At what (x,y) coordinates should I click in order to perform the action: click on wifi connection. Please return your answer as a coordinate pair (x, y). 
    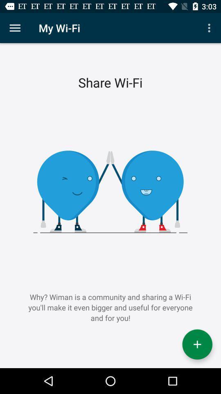
    Looking at the image, I should click on (197, 344).